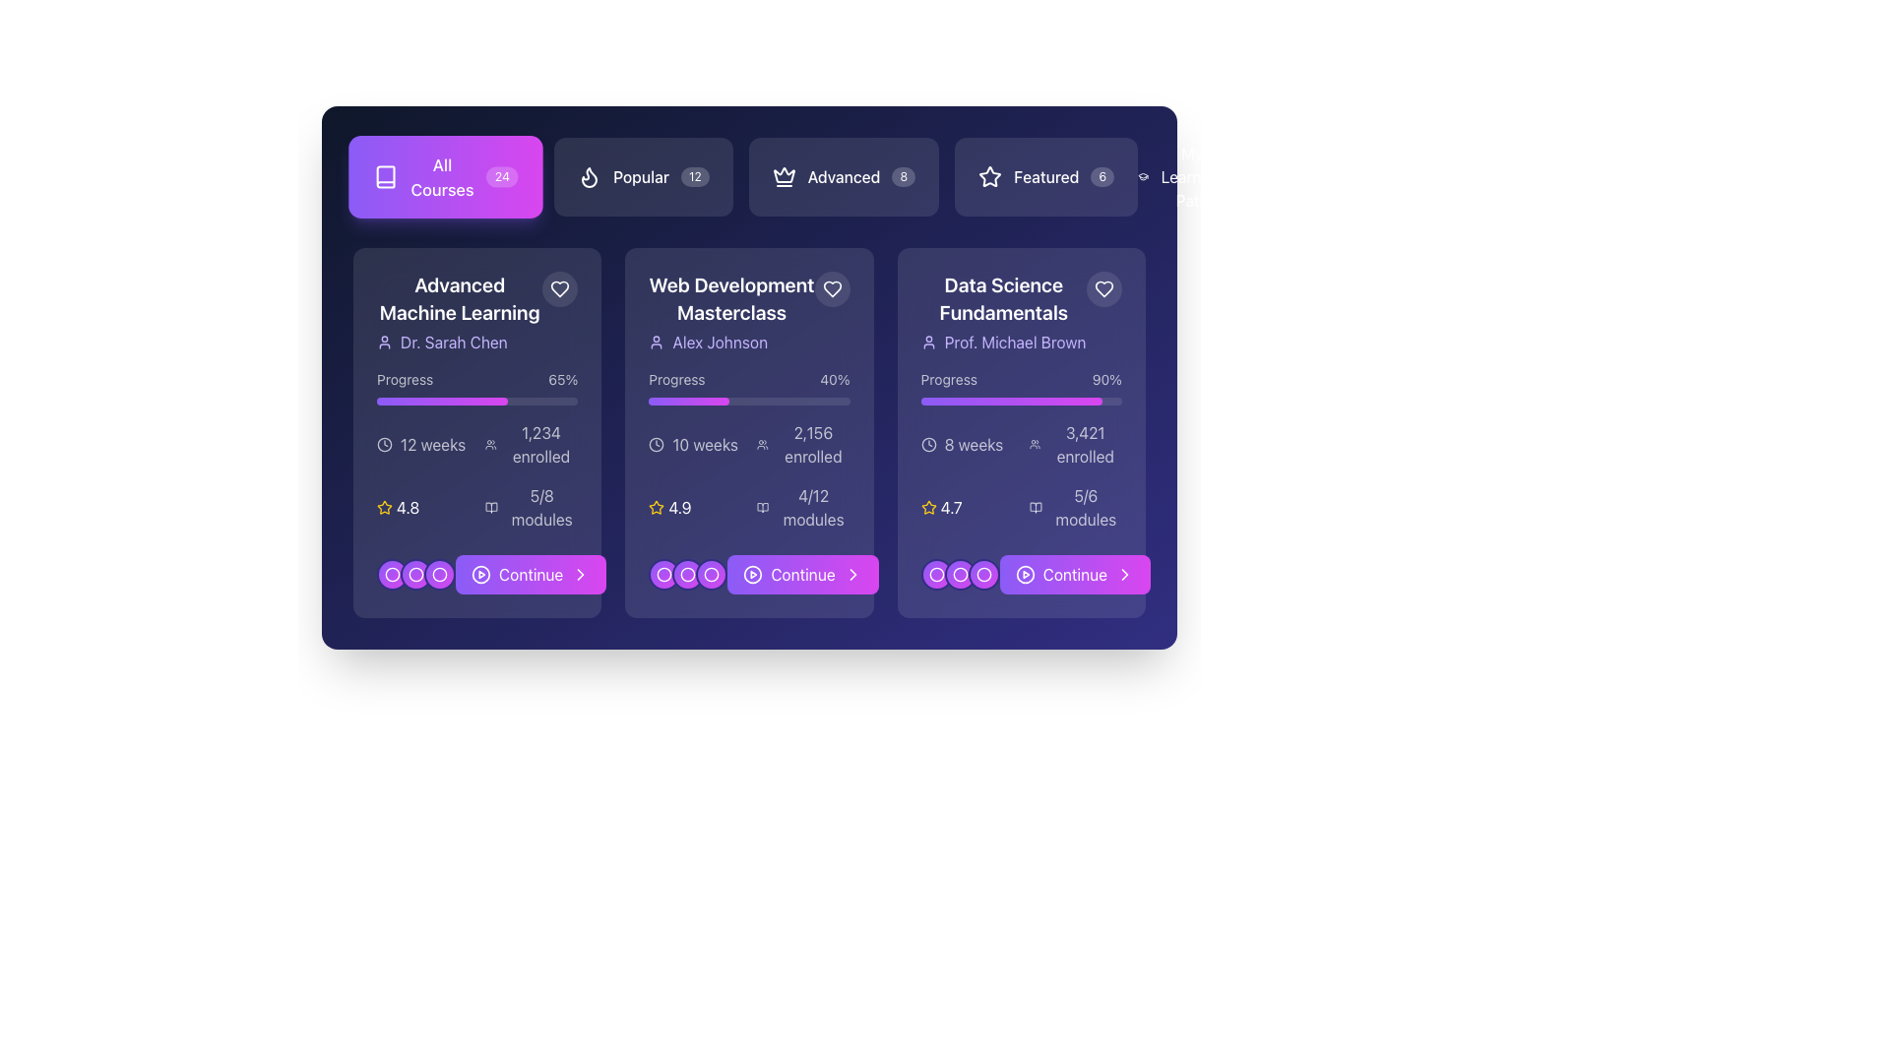  I want to click on the minimalist white book icon located in the 'All Courses' section, positioned to the left of the 'All Courses' text, so click(386, 177).